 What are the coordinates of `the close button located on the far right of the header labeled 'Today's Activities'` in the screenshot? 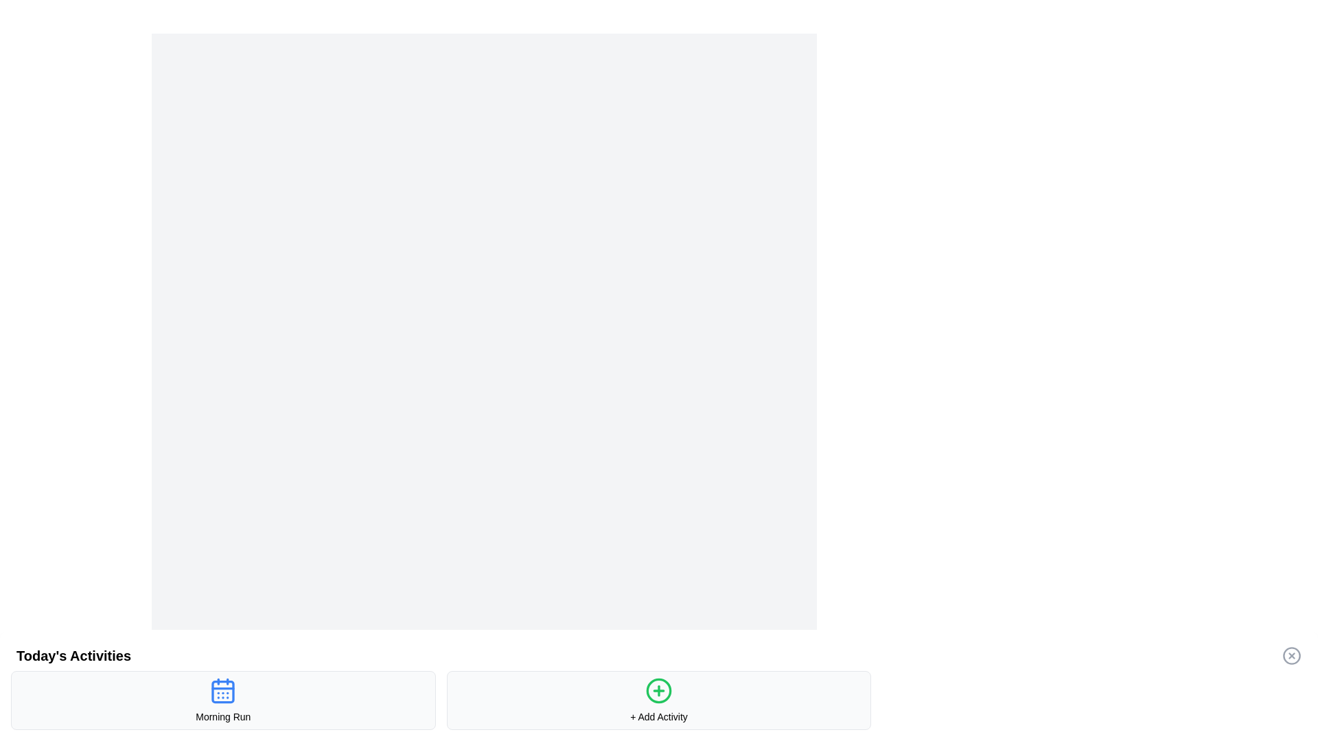 It's located at (1291, 655).